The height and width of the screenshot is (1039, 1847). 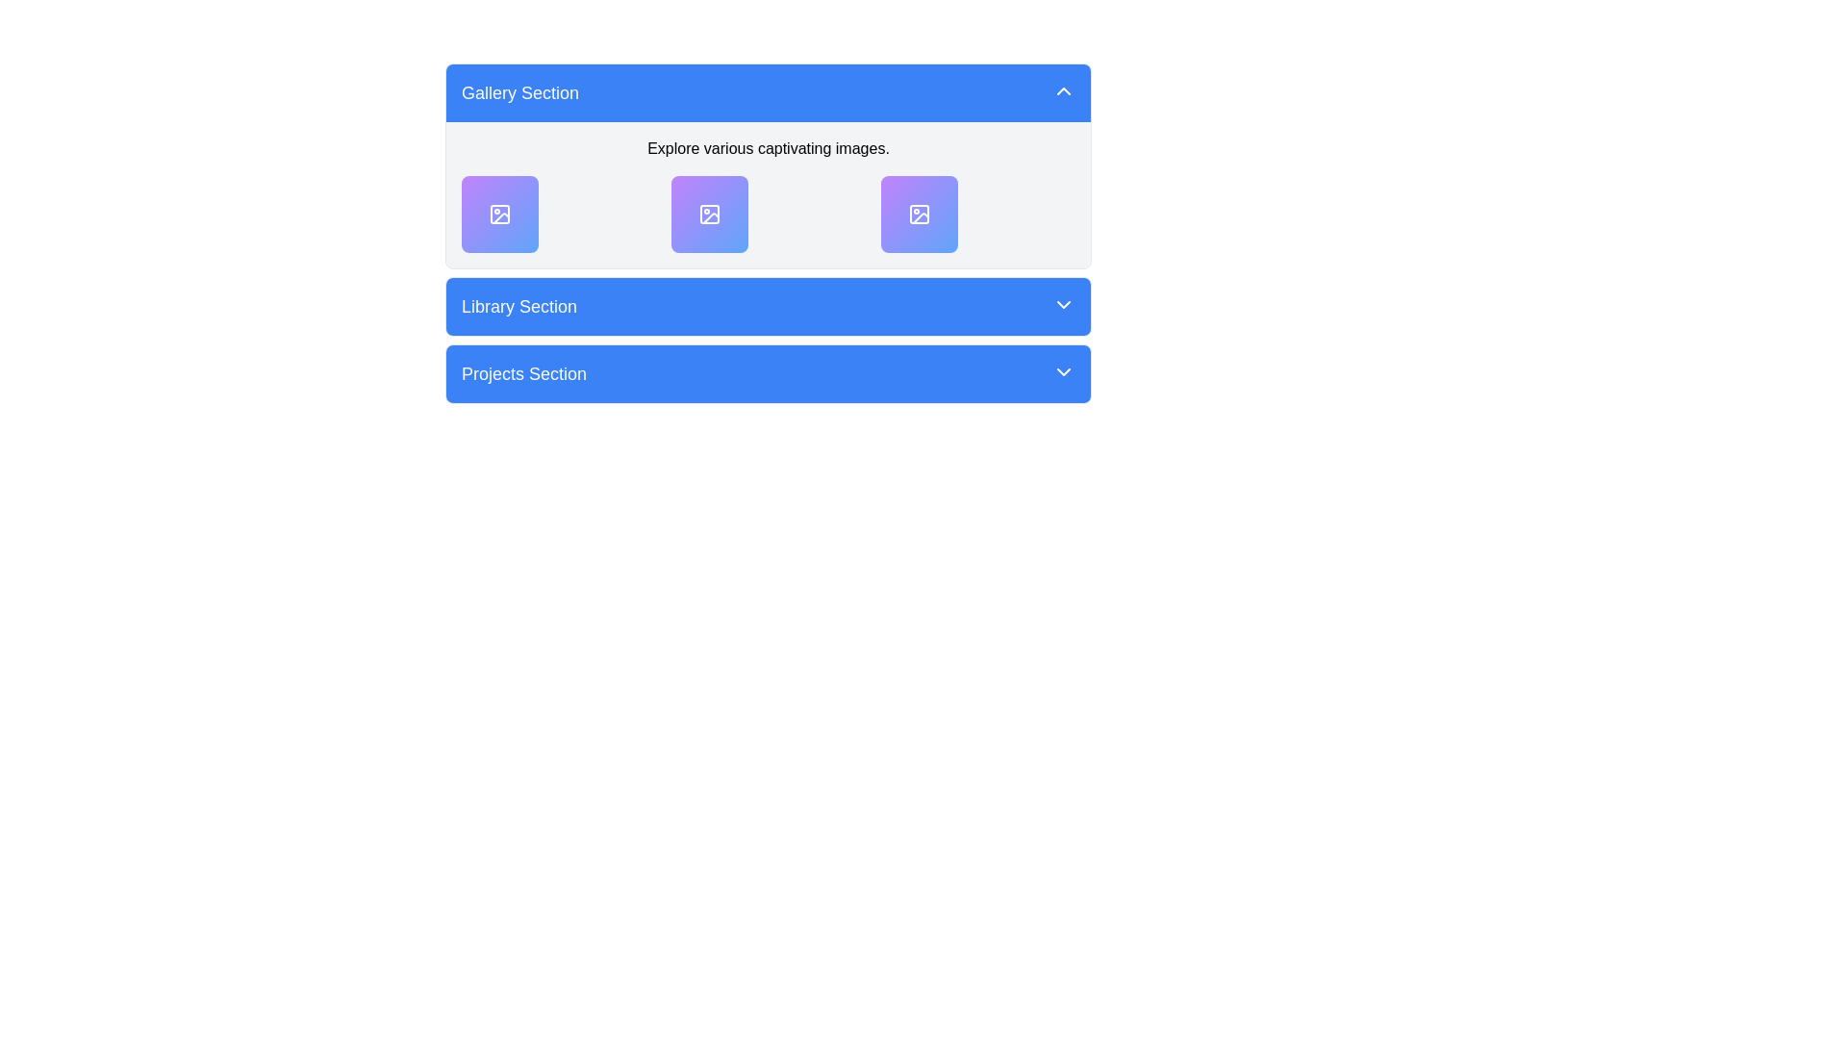 What do you see at coordinates (767, 306) in the screenshot?
I see `the blue 'Library Section' button` at bounding box center [767, 306].